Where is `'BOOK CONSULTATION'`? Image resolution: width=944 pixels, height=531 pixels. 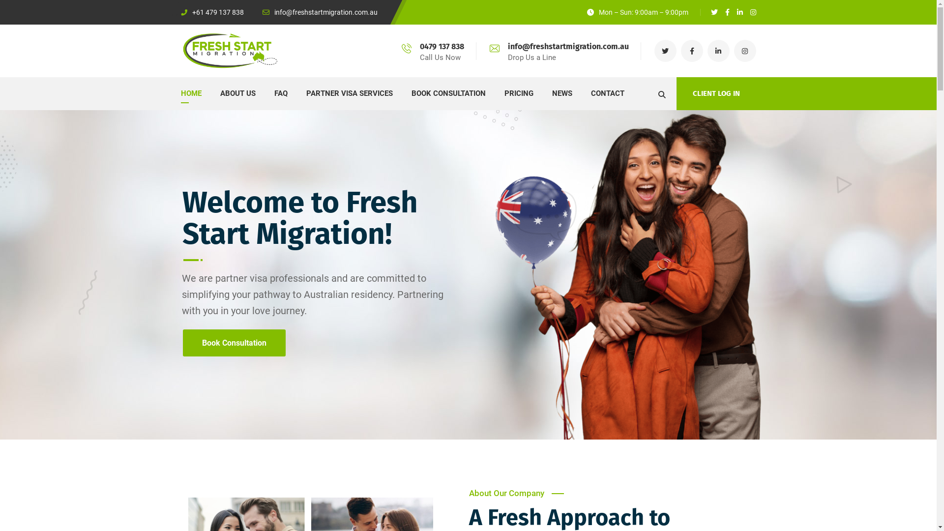 'BOOK CONSULTATION' is located at coordinates (447, 93).